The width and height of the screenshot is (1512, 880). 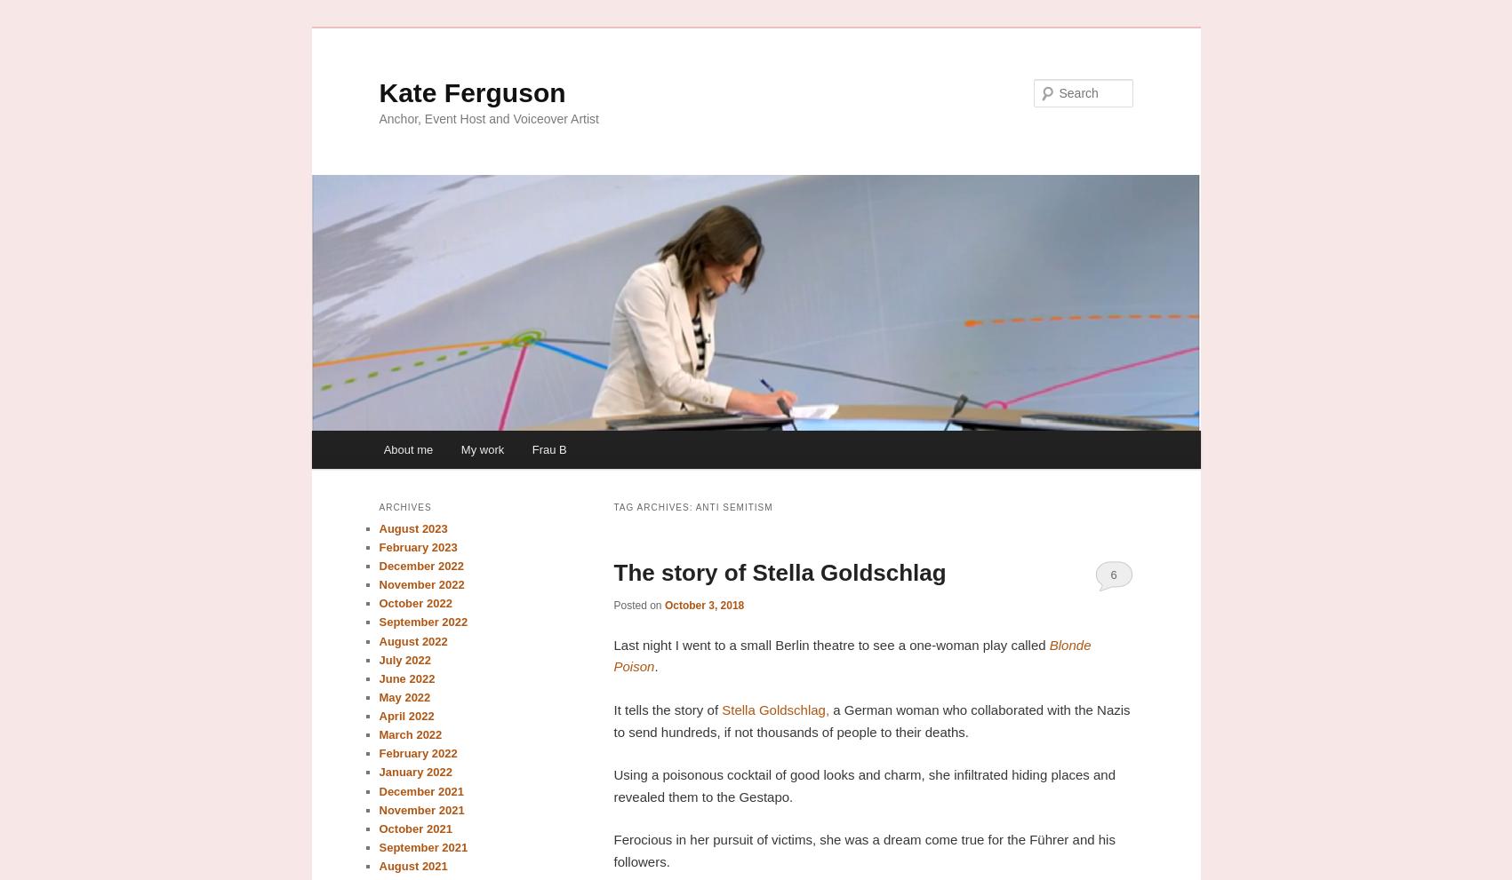 What do you see at coordinates (472, 91) in the screenshot?
I see `'Kate Ferguson'` at bounding box center [472, 91].